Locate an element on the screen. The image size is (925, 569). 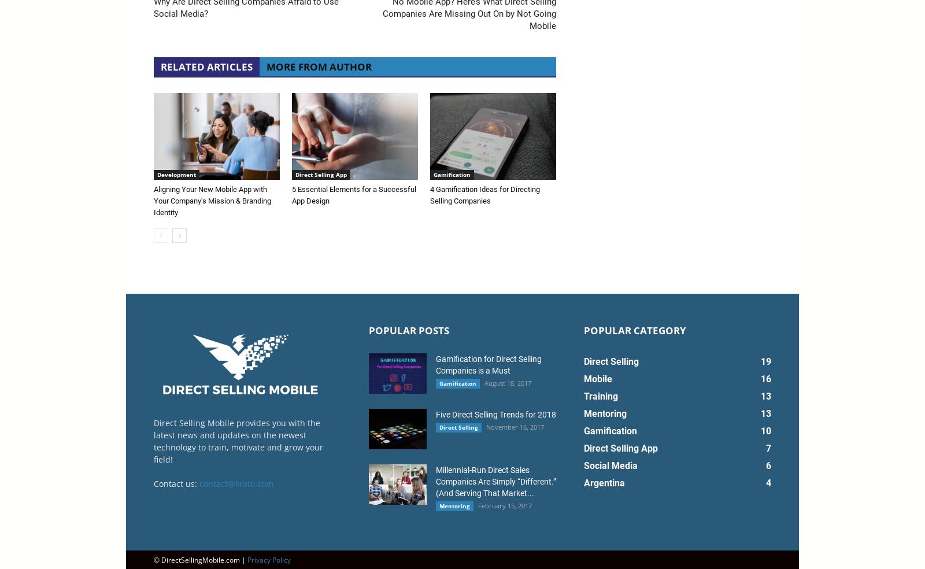
'Contact us:' is located at coordinates (176, 482).